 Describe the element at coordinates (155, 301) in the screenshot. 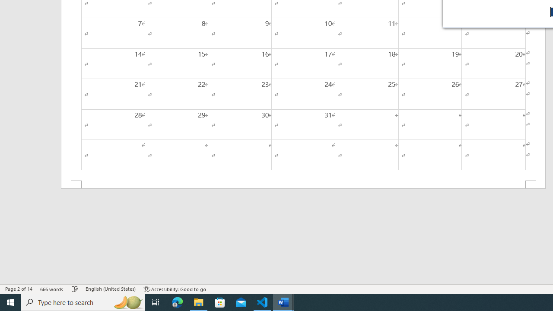

I see `'Task View'` at that location.